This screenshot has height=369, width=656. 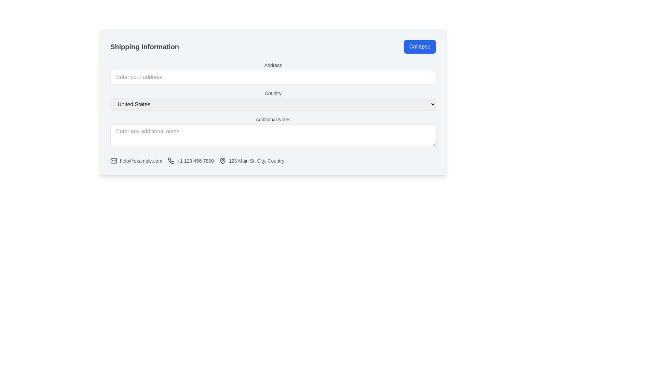 I want to click on the telephone icon located at the bottom of the 'Shipping Information' section, which is the first icon to the left of the '+1 123-456-7890' text, so click(x=171, y=161).